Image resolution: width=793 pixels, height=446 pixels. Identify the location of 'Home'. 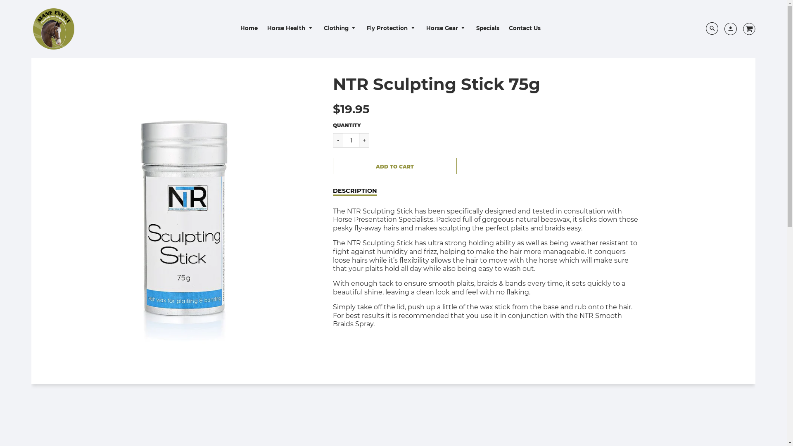
(249, 28).